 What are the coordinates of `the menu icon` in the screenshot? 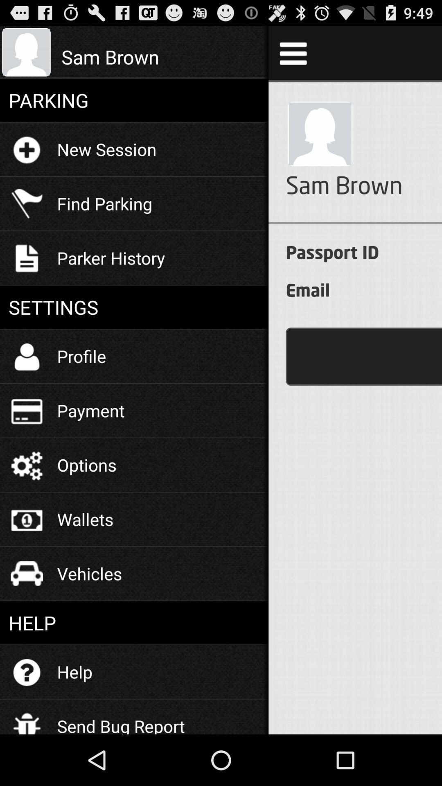 It's located at (293, 56).